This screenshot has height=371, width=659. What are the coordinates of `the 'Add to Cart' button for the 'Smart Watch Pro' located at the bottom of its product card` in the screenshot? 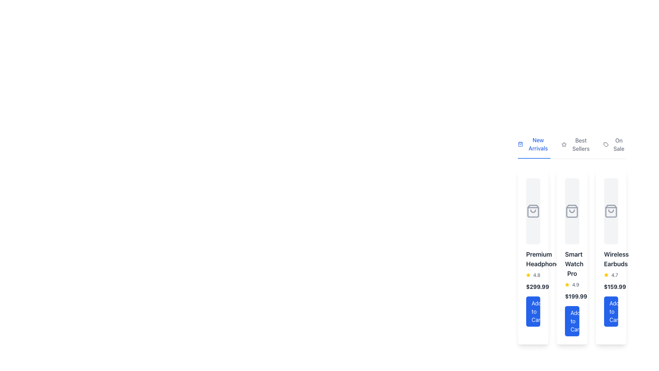 It's located at (572, 321).